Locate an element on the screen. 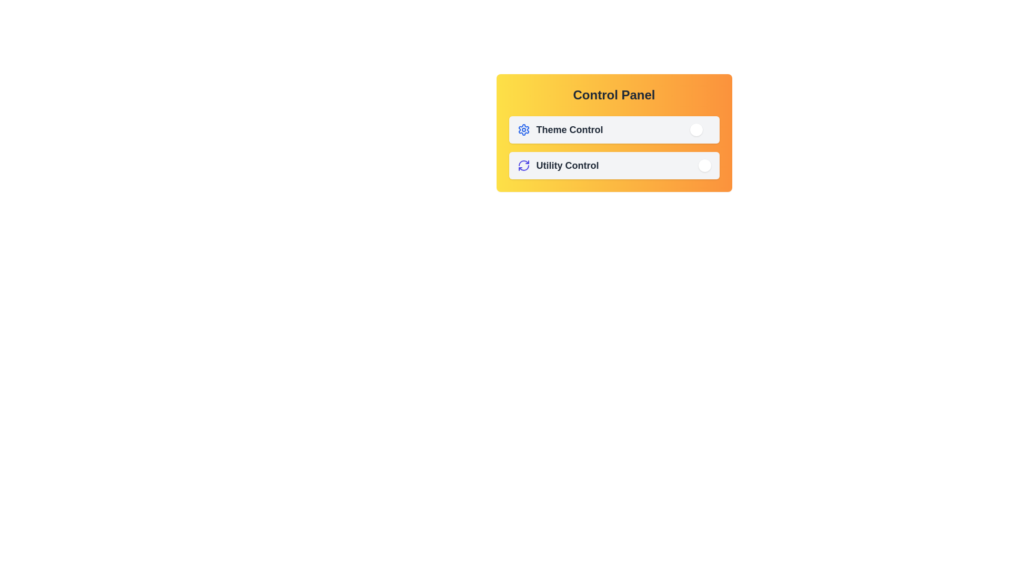 The image size is (1010, 568). 'Utility Control' text label located in the second row of the control panel, which has a blue refresh icon to its left is located at coordinates (557, 166).